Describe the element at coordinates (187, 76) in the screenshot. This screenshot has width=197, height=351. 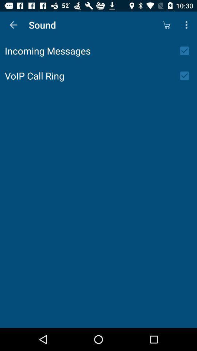
I see `ring off/on` at that location.